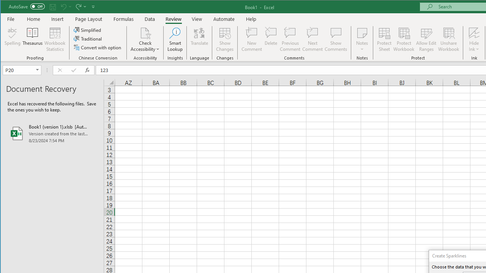 Image resolution: width=486 pixels, height=273 pixels. What do you see at coordinates (145, 32) in the screenshot?
I see `'Check Accessibility'` at bounding box center [145, 32].